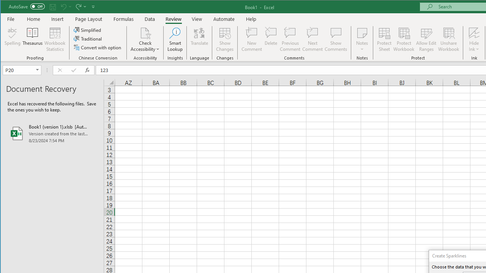 Image resolution: width=486 pixels, height=273 pixels. What do you see at coordinates (145, 32) in the screenshot?
I see `'Check Accessibility'` at bounding box center [145, 32].